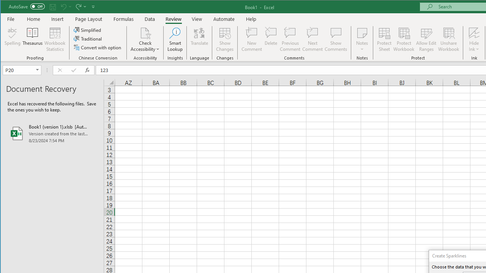 Image resolution: width=486 pixels, height=273 pixels. What do you see at coordinates (145, 32) in the screenshot?
I see `'Check Accessibility'` at bounding box center [145, 32].